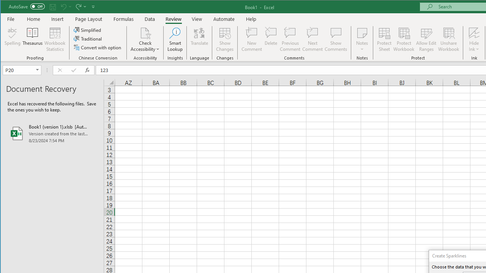 Image resolution: width=486 pixels, height=273 pixels. What do you see at coordinates (145, 32) in the screenshot?
I see `'Check Accessibility'` at bounding box center [145, 32].